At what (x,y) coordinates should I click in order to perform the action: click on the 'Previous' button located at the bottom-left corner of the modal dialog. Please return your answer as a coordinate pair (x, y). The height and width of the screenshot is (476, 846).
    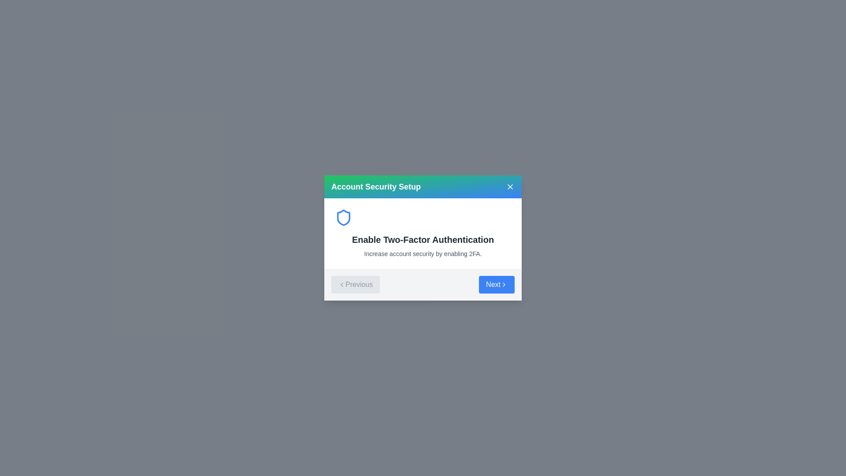
    Looking at the image, I should click on (356, 284).